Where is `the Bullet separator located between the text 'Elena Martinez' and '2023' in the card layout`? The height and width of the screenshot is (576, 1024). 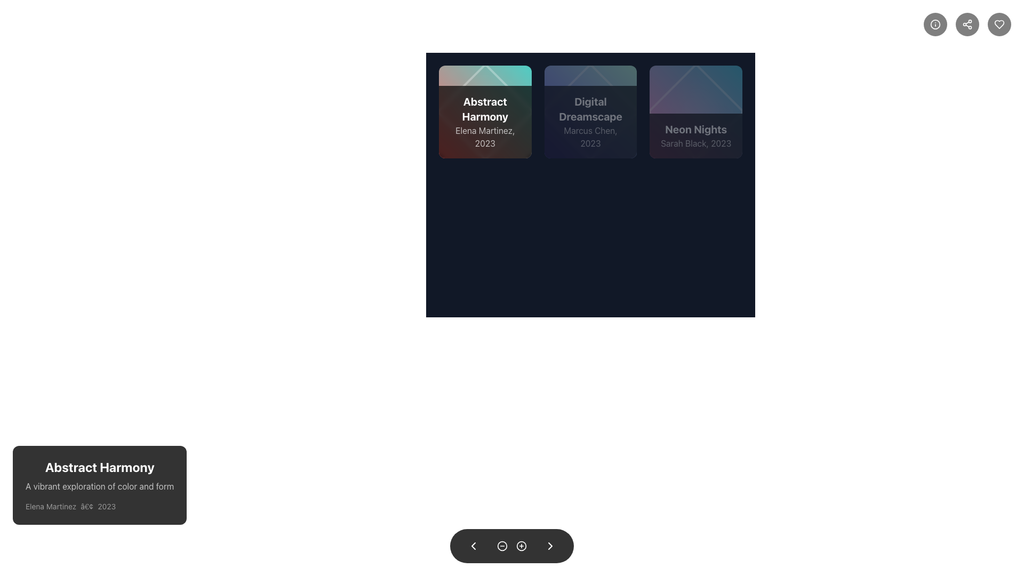
the Bullet separator located between the text 'Elena Martinez' and '2023' in the card layout is located at coordinates (87, 506).